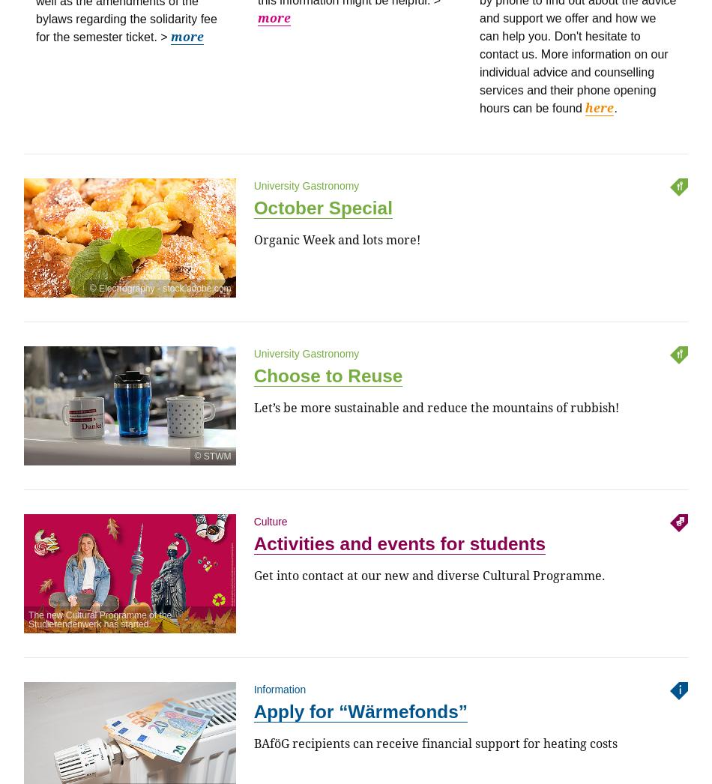 This screenshot has height=784, width=712. What do you see at coordinates (360, 710) in the screenshot?
I see `'Apply for “Wärmefonds”'` at bounding box center [360, 710].